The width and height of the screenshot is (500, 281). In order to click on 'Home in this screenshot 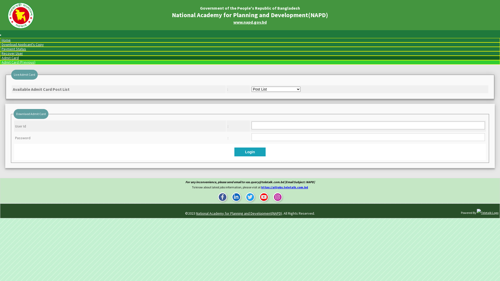, I will do `click(6, 40)`.